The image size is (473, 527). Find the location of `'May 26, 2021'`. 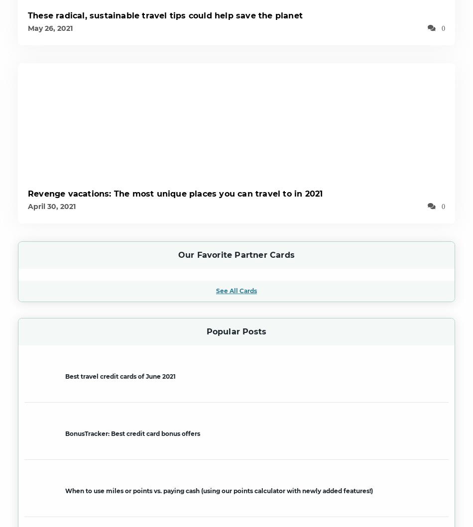

'May 26, 2021' is located at coordinates (50, 28).